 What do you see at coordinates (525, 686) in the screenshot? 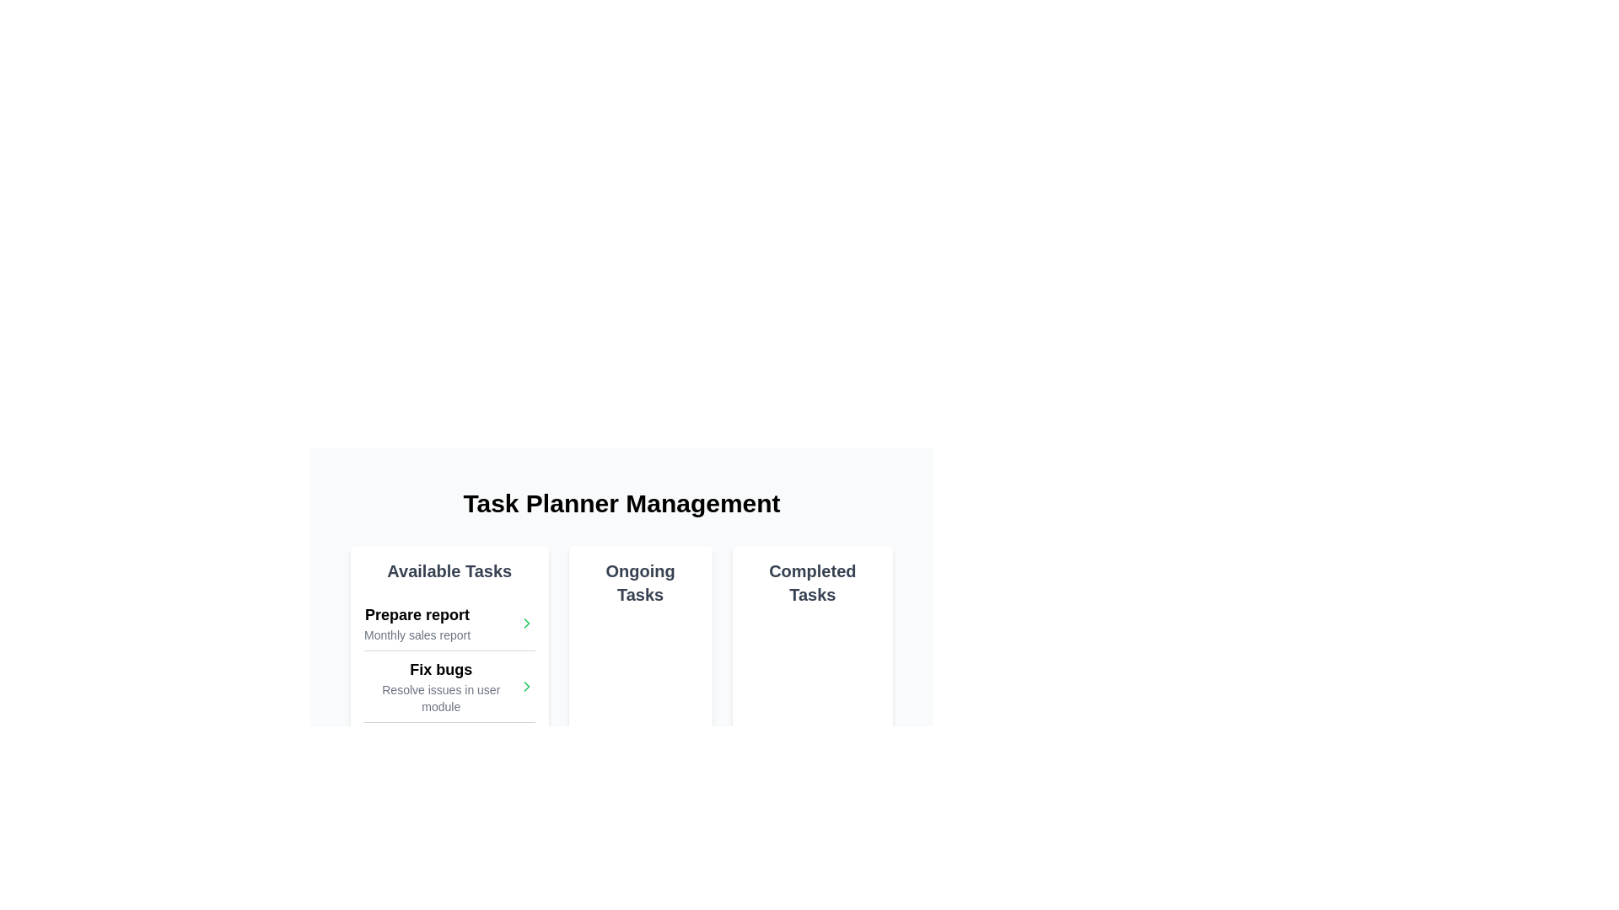
I see `the chevron-like arrow icon indicating further navigation within the 'Available Tasks' card under the 'Prepare report' task` at bounding box center [525, 686].